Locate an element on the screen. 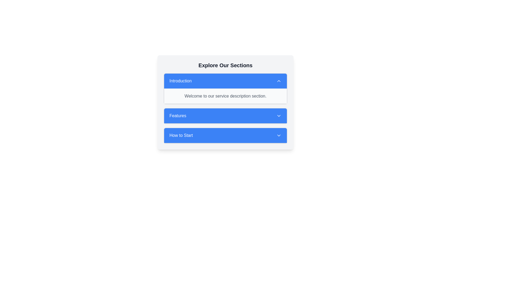 This screenshot has width=510, height=287. the text label 'How to Start' which is styled with a medium-weight font and white color against a blue background, located in the header of the collapsible section is located at coordinates (181, 135).